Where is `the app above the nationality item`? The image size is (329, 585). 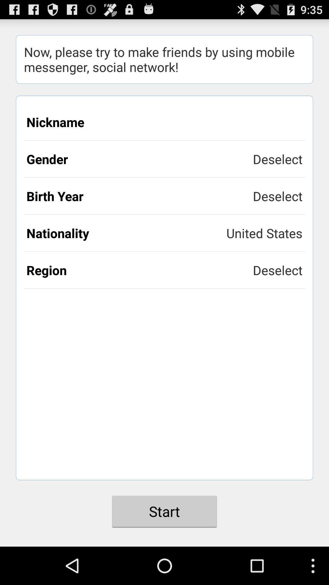
the app above the nationality item is located at coordinates (140, 196).